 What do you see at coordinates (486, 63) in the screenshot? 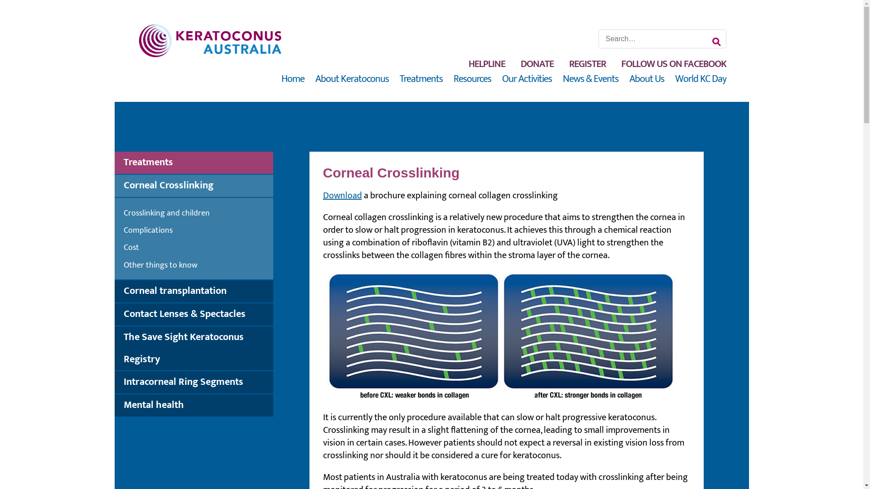
I see `'HELPLINE'` at bounding box center [486, 63].